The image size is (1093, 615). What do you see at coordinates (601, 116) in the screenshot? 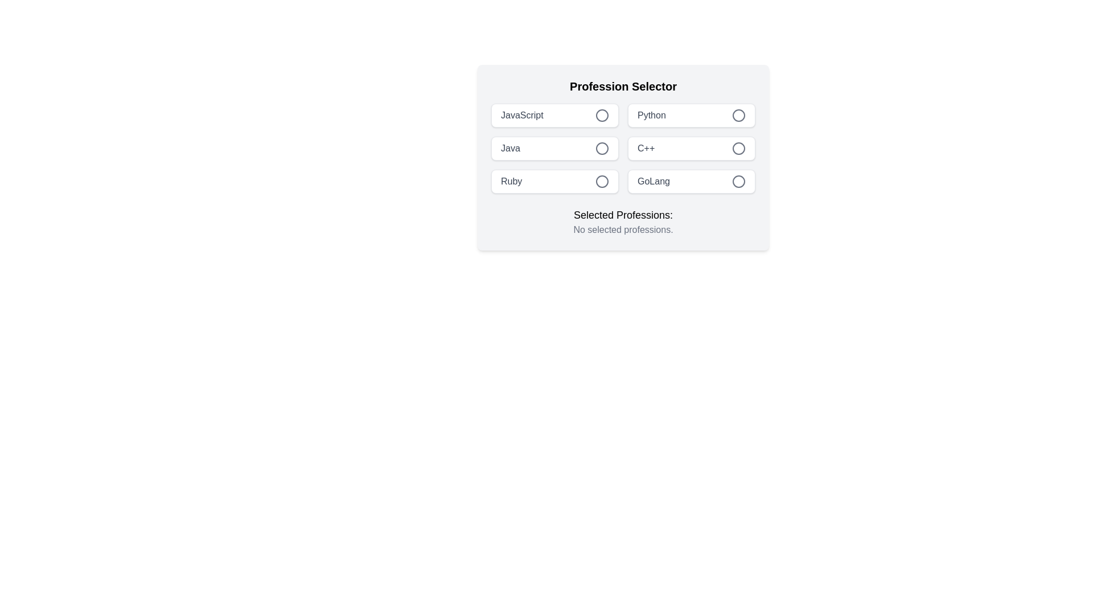
I see `the radio button` at bounding box center [601, 116].